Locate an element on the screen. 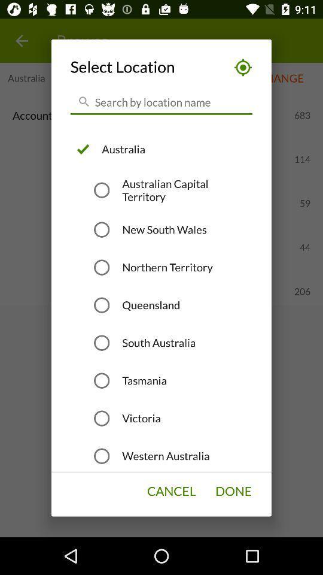 Image resolution: width=323 pixels, height=575 pixels. the item above the northern territory is located at coordinates (164, 229).